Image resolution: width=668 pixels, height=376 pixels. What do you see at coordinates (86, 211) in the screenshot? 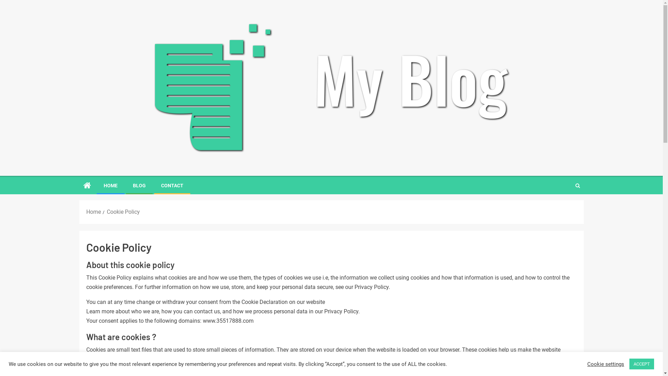
I see `'Home'` at bounding box center [86, 211].